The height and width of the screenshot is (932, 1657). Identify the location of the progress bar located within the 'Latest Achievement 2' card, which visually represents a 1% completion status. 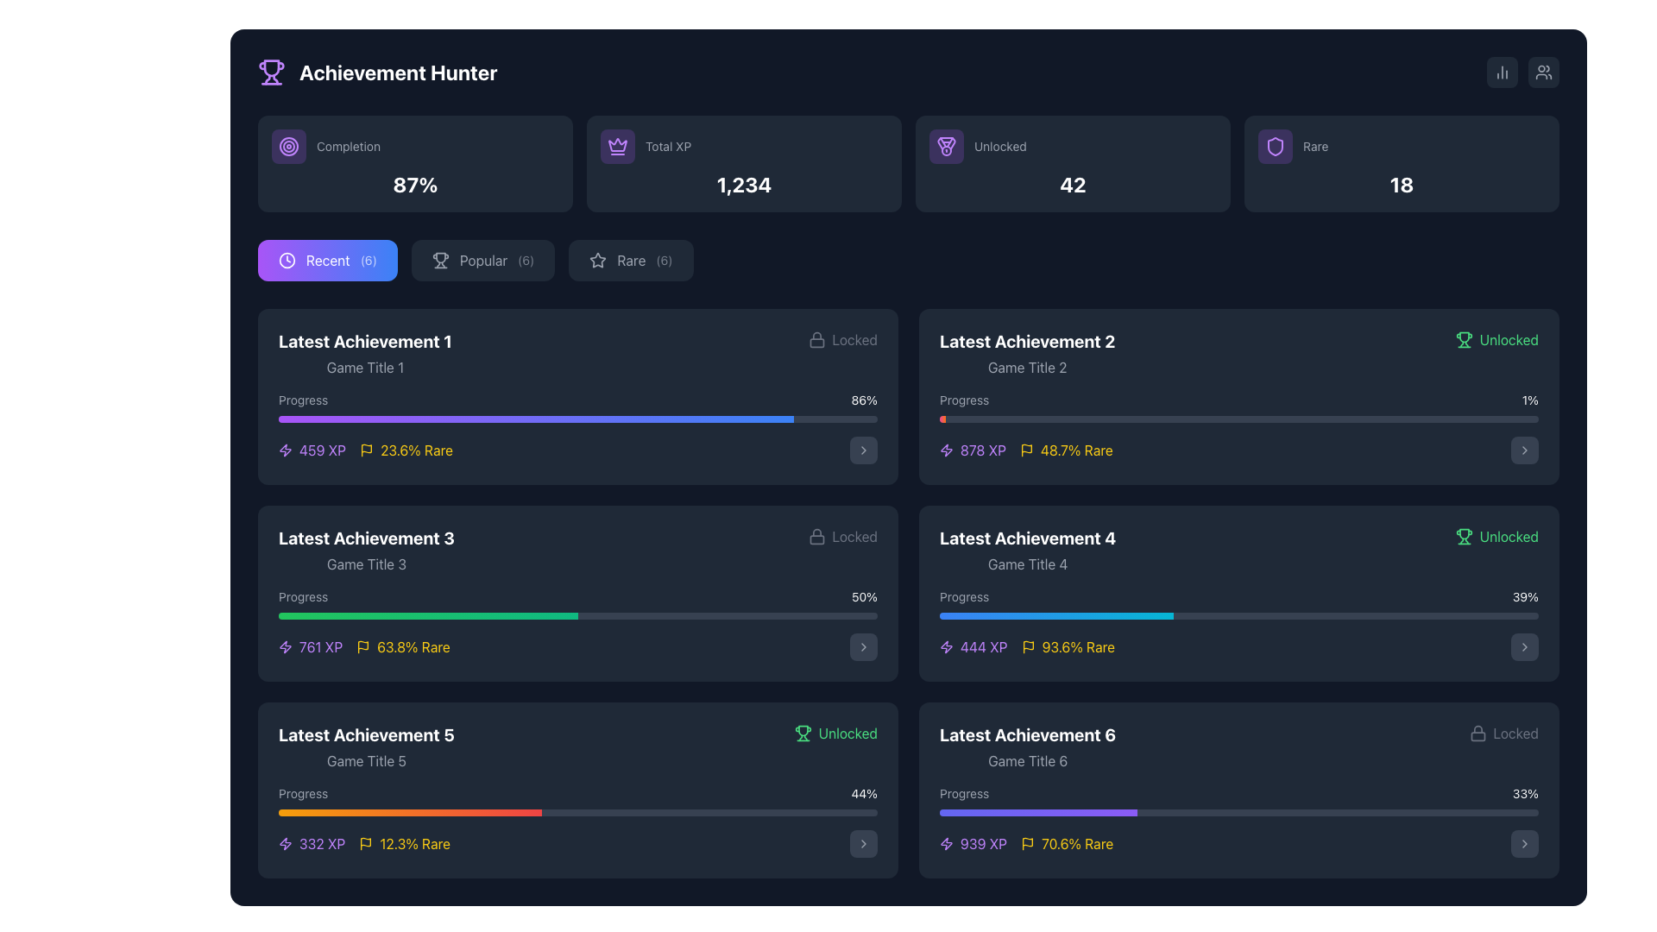
(1238, 406).